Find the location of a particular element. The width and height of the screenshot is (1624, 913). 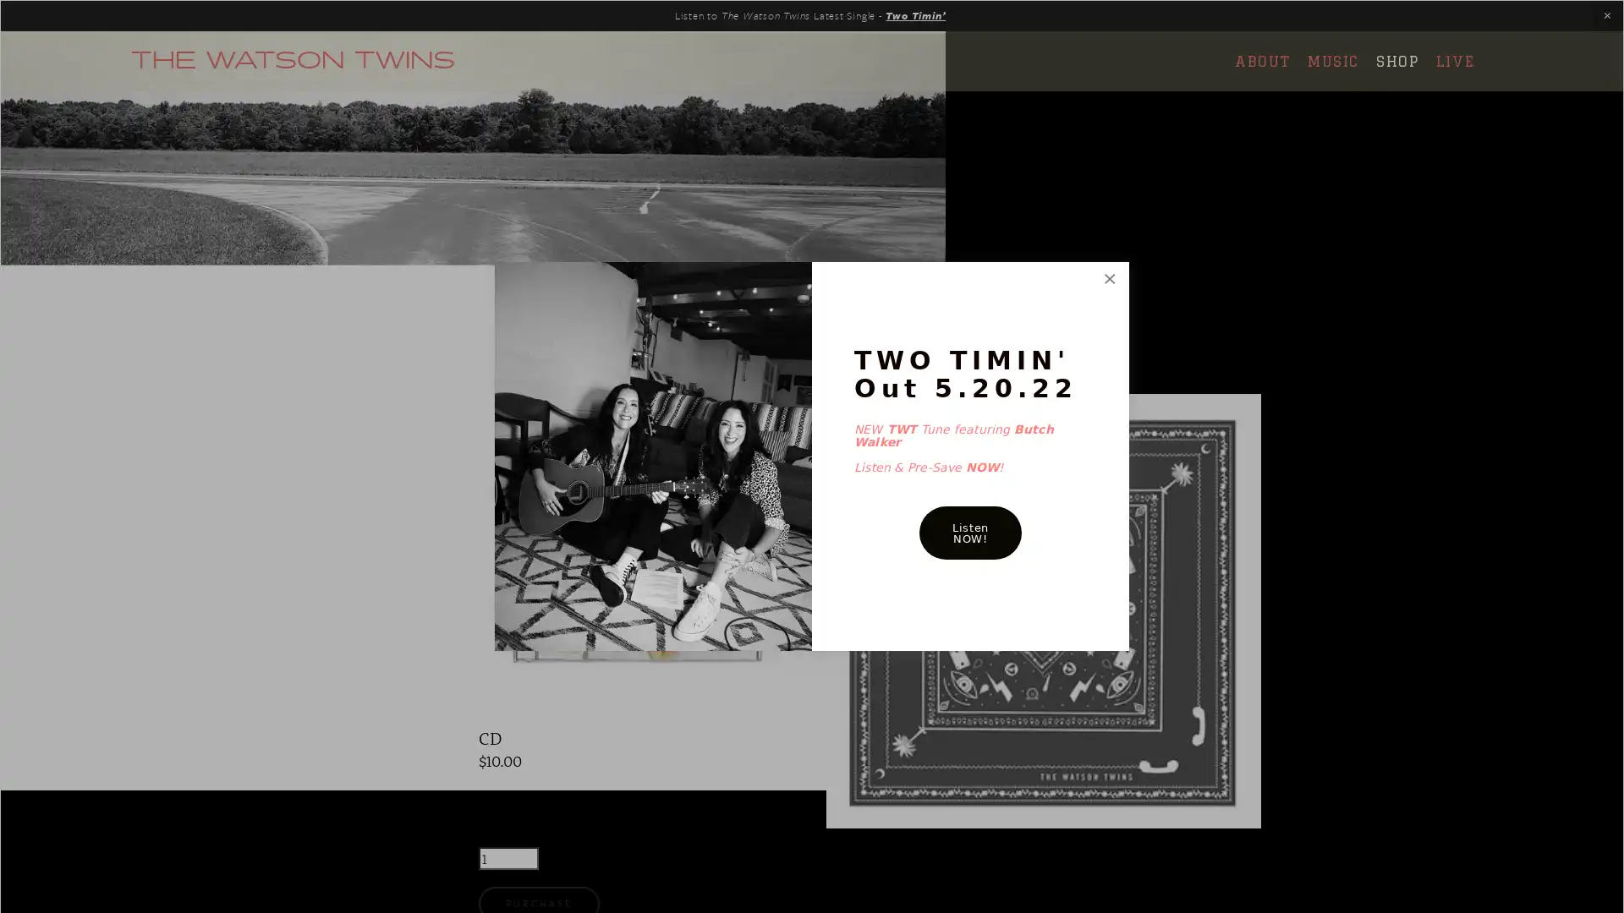

Close Announcement is located at coordinates (1606, 16).